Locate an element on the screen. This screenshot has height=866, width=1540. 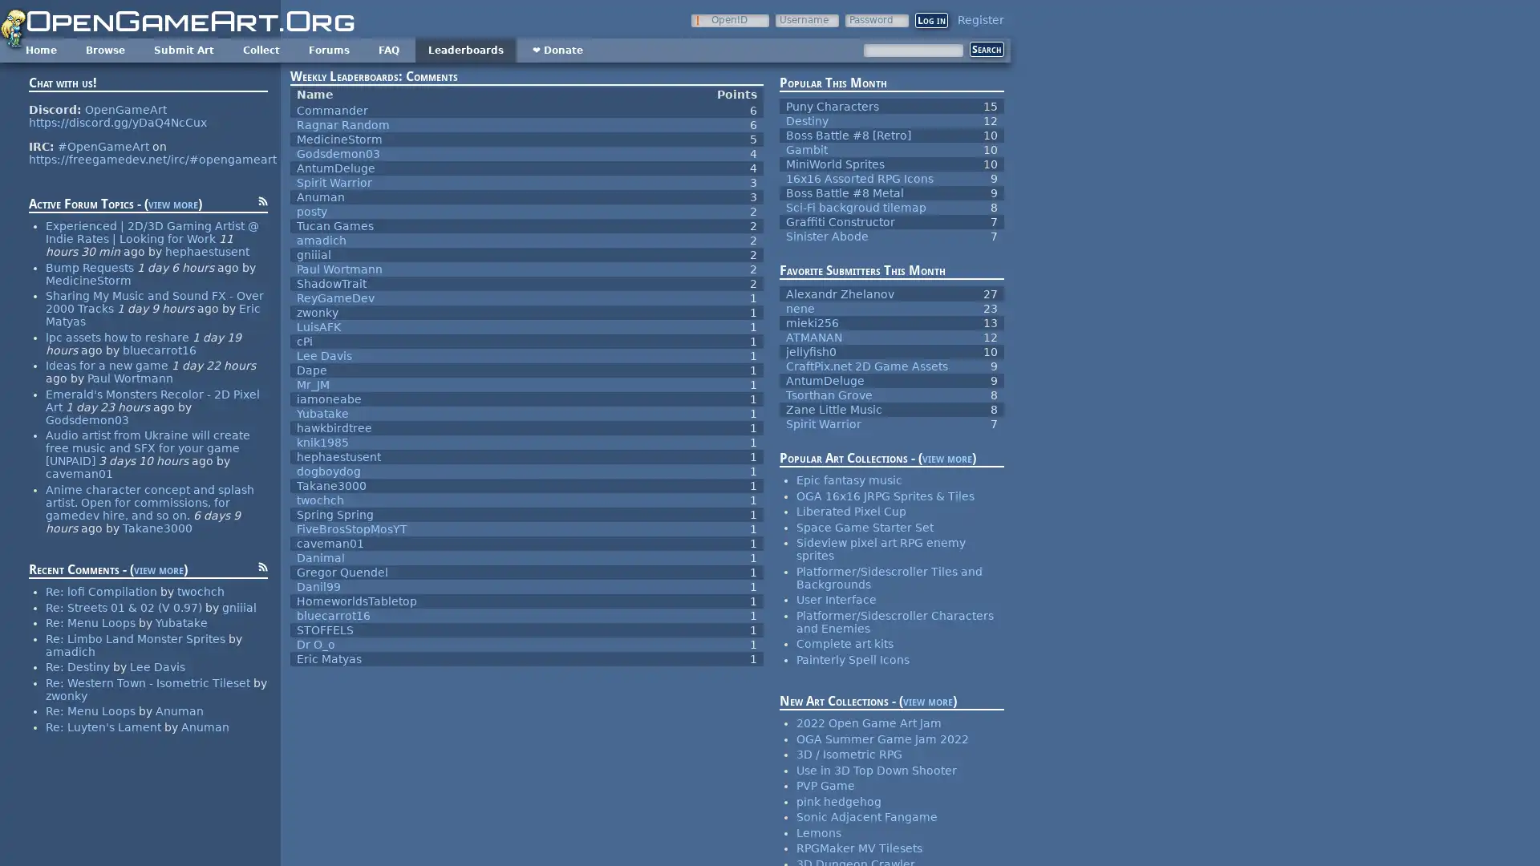
Log in is located at coordinates (931, 20).